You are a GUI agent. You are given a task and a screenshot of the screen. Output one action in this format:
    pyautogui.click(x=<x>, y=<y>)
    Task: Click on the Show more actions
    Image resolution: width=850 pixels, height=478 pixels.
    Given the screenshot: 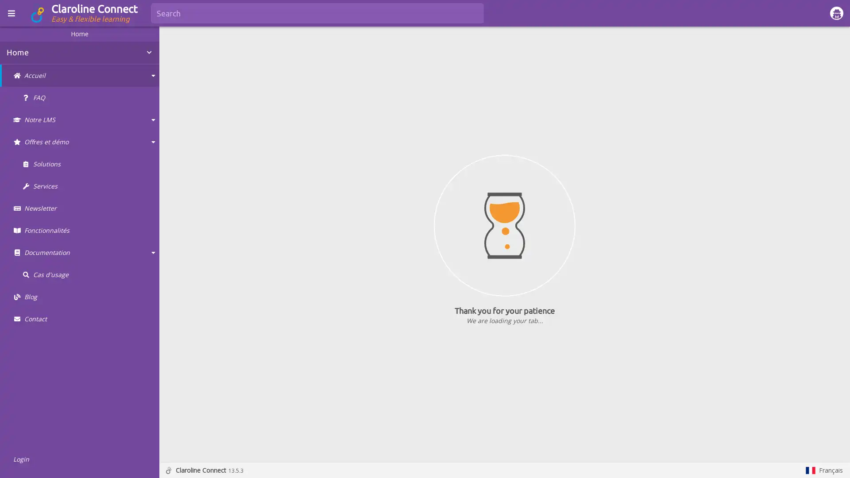 What is the action you would take?
    pyautogui.click(x=832, y=156)
    